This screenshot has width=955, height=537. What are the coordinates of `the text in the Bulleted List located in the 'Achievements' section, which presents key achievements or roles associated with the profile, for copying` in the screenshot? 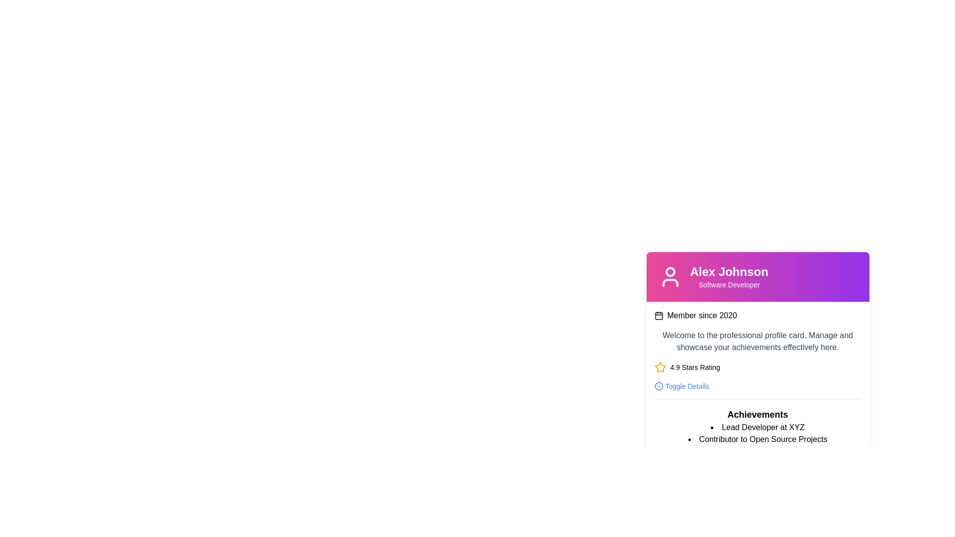 It's located at (757, 439).